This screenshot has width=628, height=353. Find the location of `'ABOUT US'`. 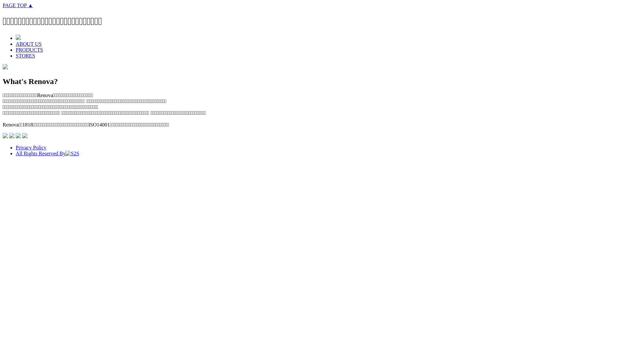

'ABOUT US' is located at coordinates (28, 44).